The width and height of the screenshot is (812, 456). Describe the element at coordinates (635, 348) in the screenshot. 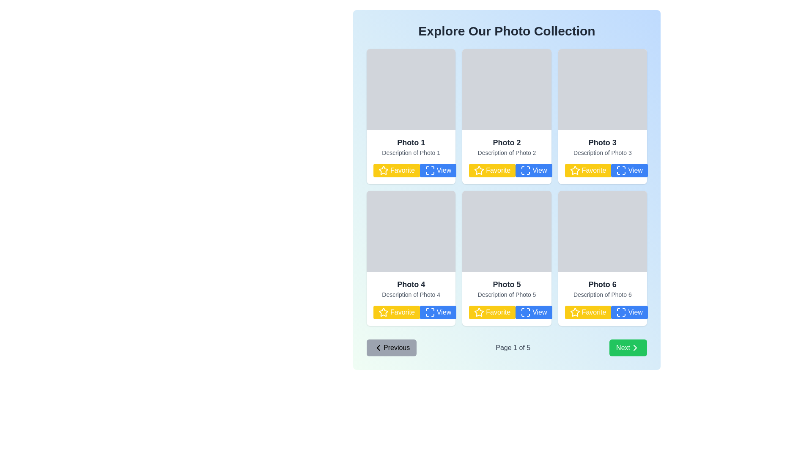

I see `the rightward-pointing chevron icon located within the green 'Next' button at the bottom right of the interface` at that location.